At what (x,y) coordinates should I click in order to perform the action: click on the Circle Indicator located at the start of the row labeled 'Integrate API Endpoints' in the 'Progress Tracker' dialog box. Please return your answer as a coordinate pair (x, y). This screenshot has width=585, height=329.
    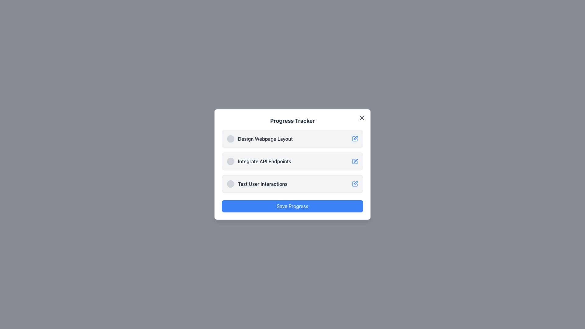
    Looking at the image, I should click on (230, 161).